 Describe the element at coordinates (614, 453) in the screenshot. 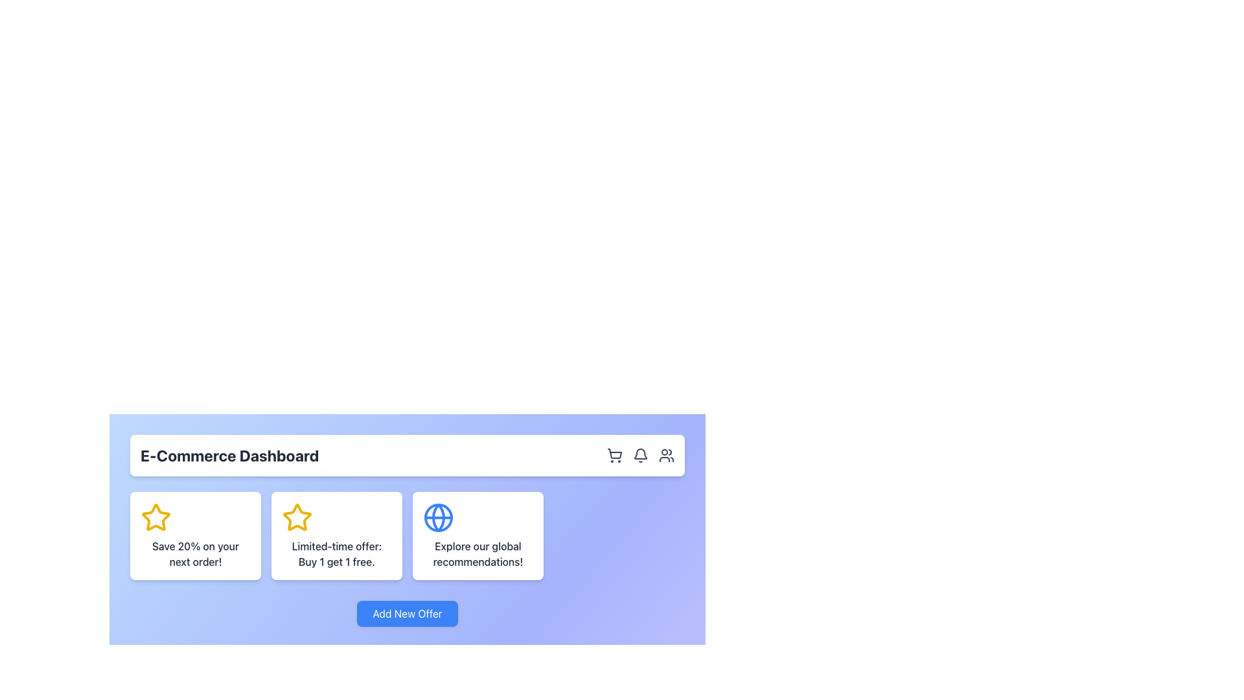

I see `the shopping cart icon located in the top-right corner of the interface, to the left of the notification bell and user profile icons` at that location.